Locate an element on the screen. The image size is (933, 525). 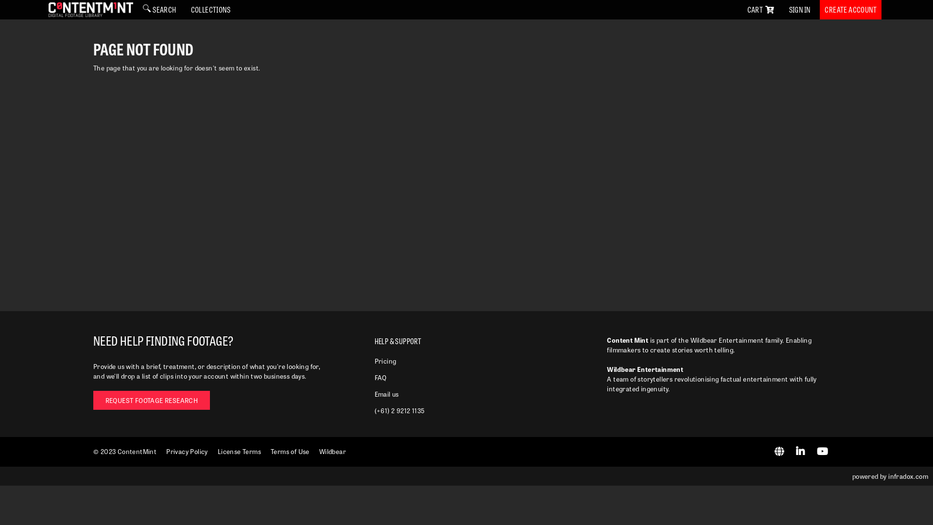
'Privacy Policy' is located at coordinates (187, 451).